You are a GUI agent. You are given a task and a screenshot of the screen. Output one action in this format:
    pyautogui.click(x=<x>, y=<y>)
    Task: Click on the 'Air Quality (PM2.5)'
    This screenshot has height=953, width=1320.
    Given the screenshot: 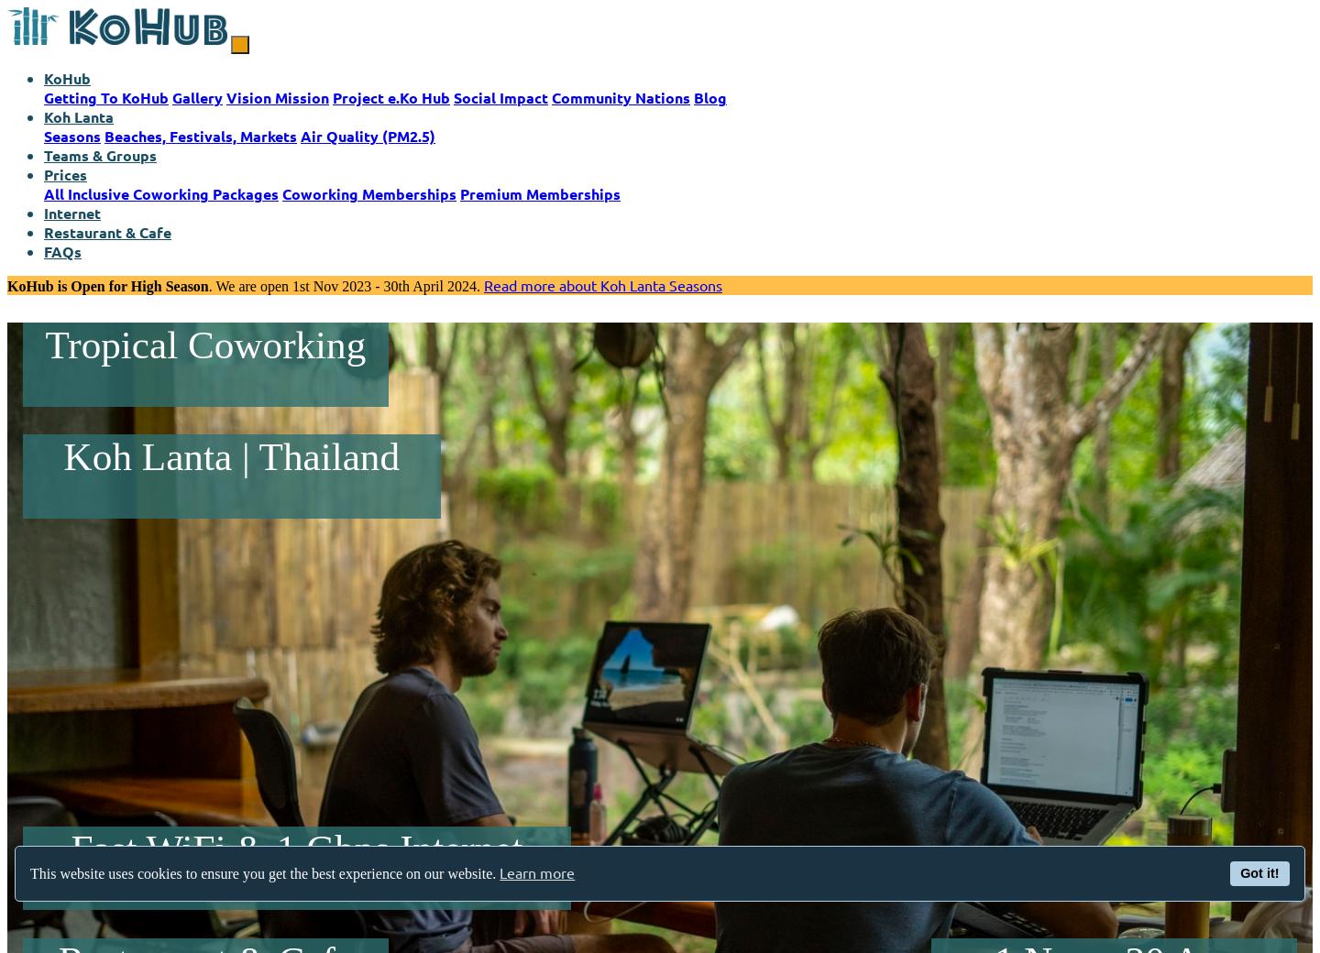 What is the action you would take?
    pyautogui.click(x=367, y=136)
    